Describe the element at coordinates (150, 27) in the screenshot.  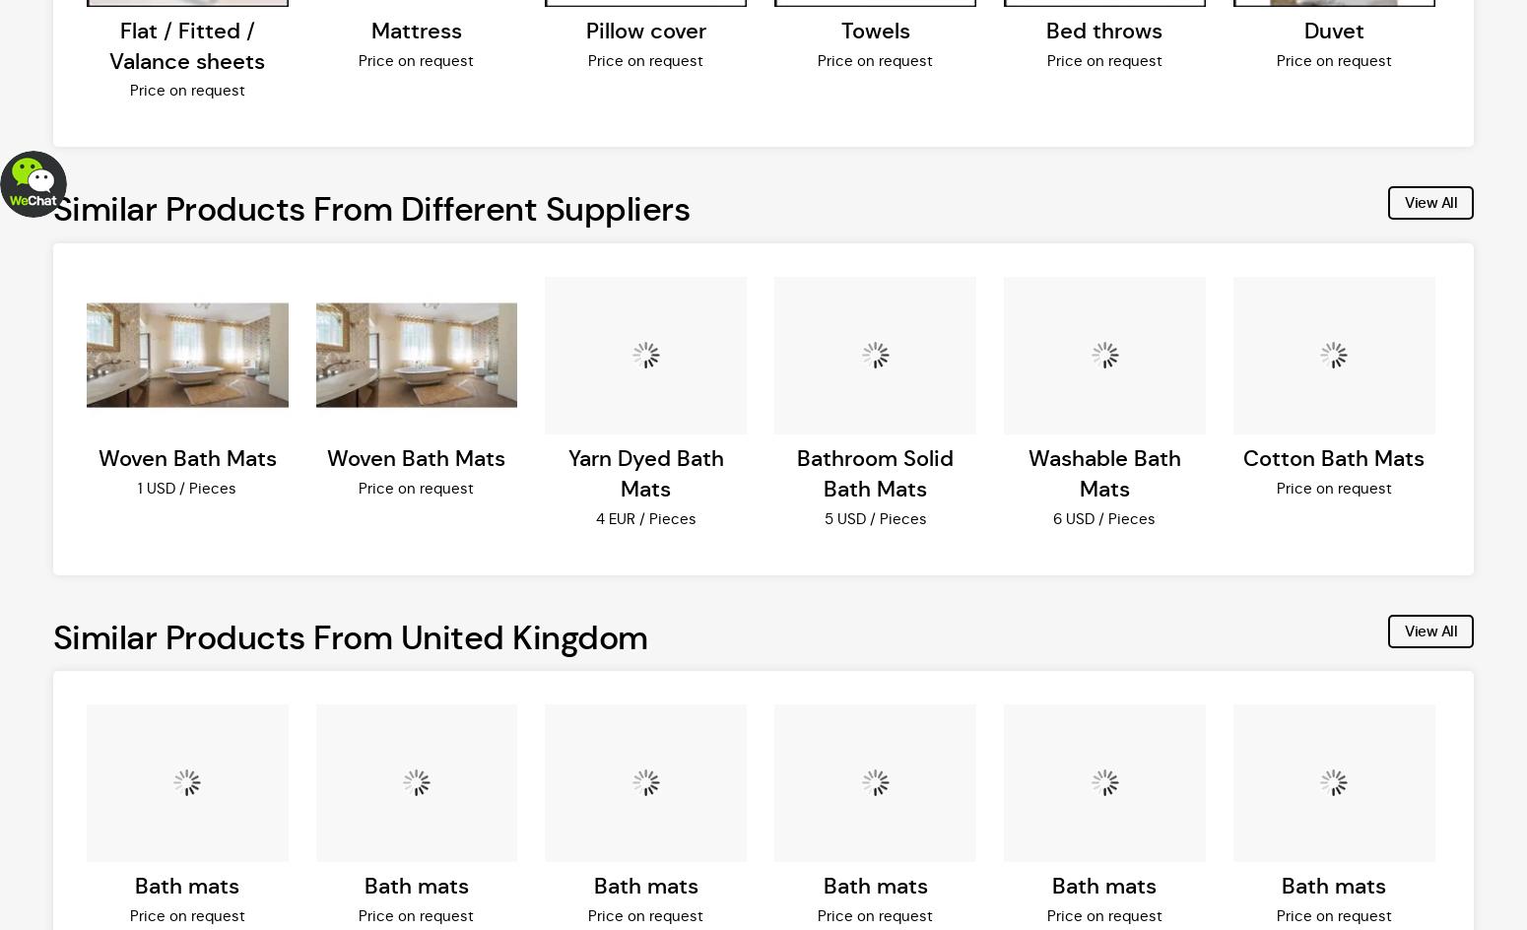
I see `'Sewing Trims & Accessories'` at that location.